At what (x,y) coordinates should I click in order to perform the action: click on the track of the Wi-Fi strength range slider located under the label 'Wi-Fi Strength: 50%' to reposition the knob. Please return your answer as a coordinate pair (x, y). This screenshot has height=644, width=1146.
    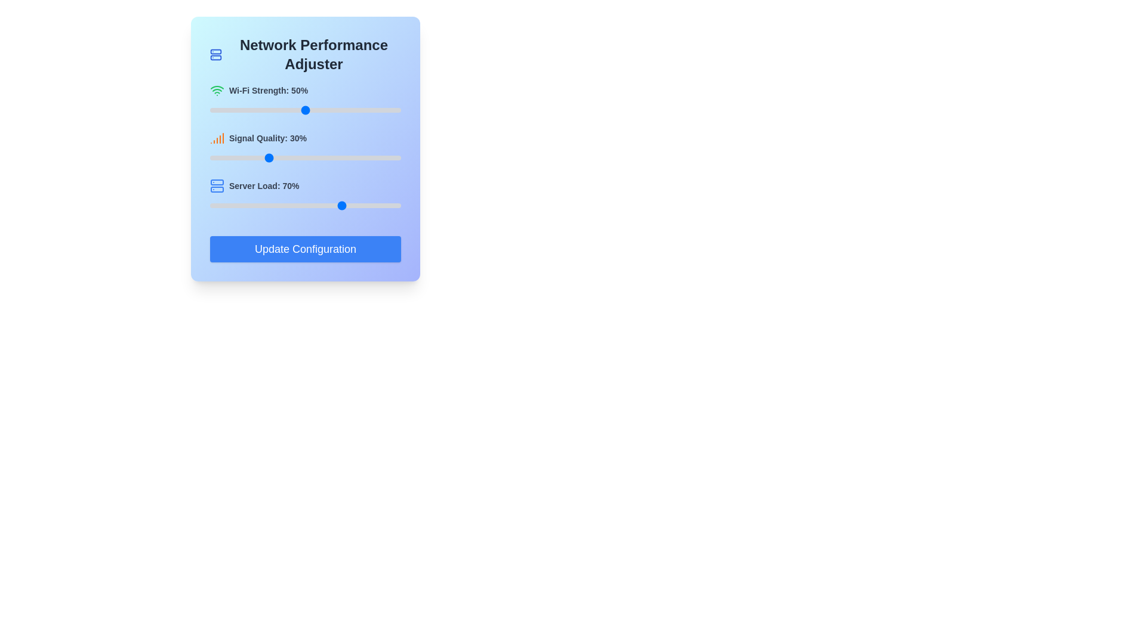
    Looking at the image, I should click on (306, 110).